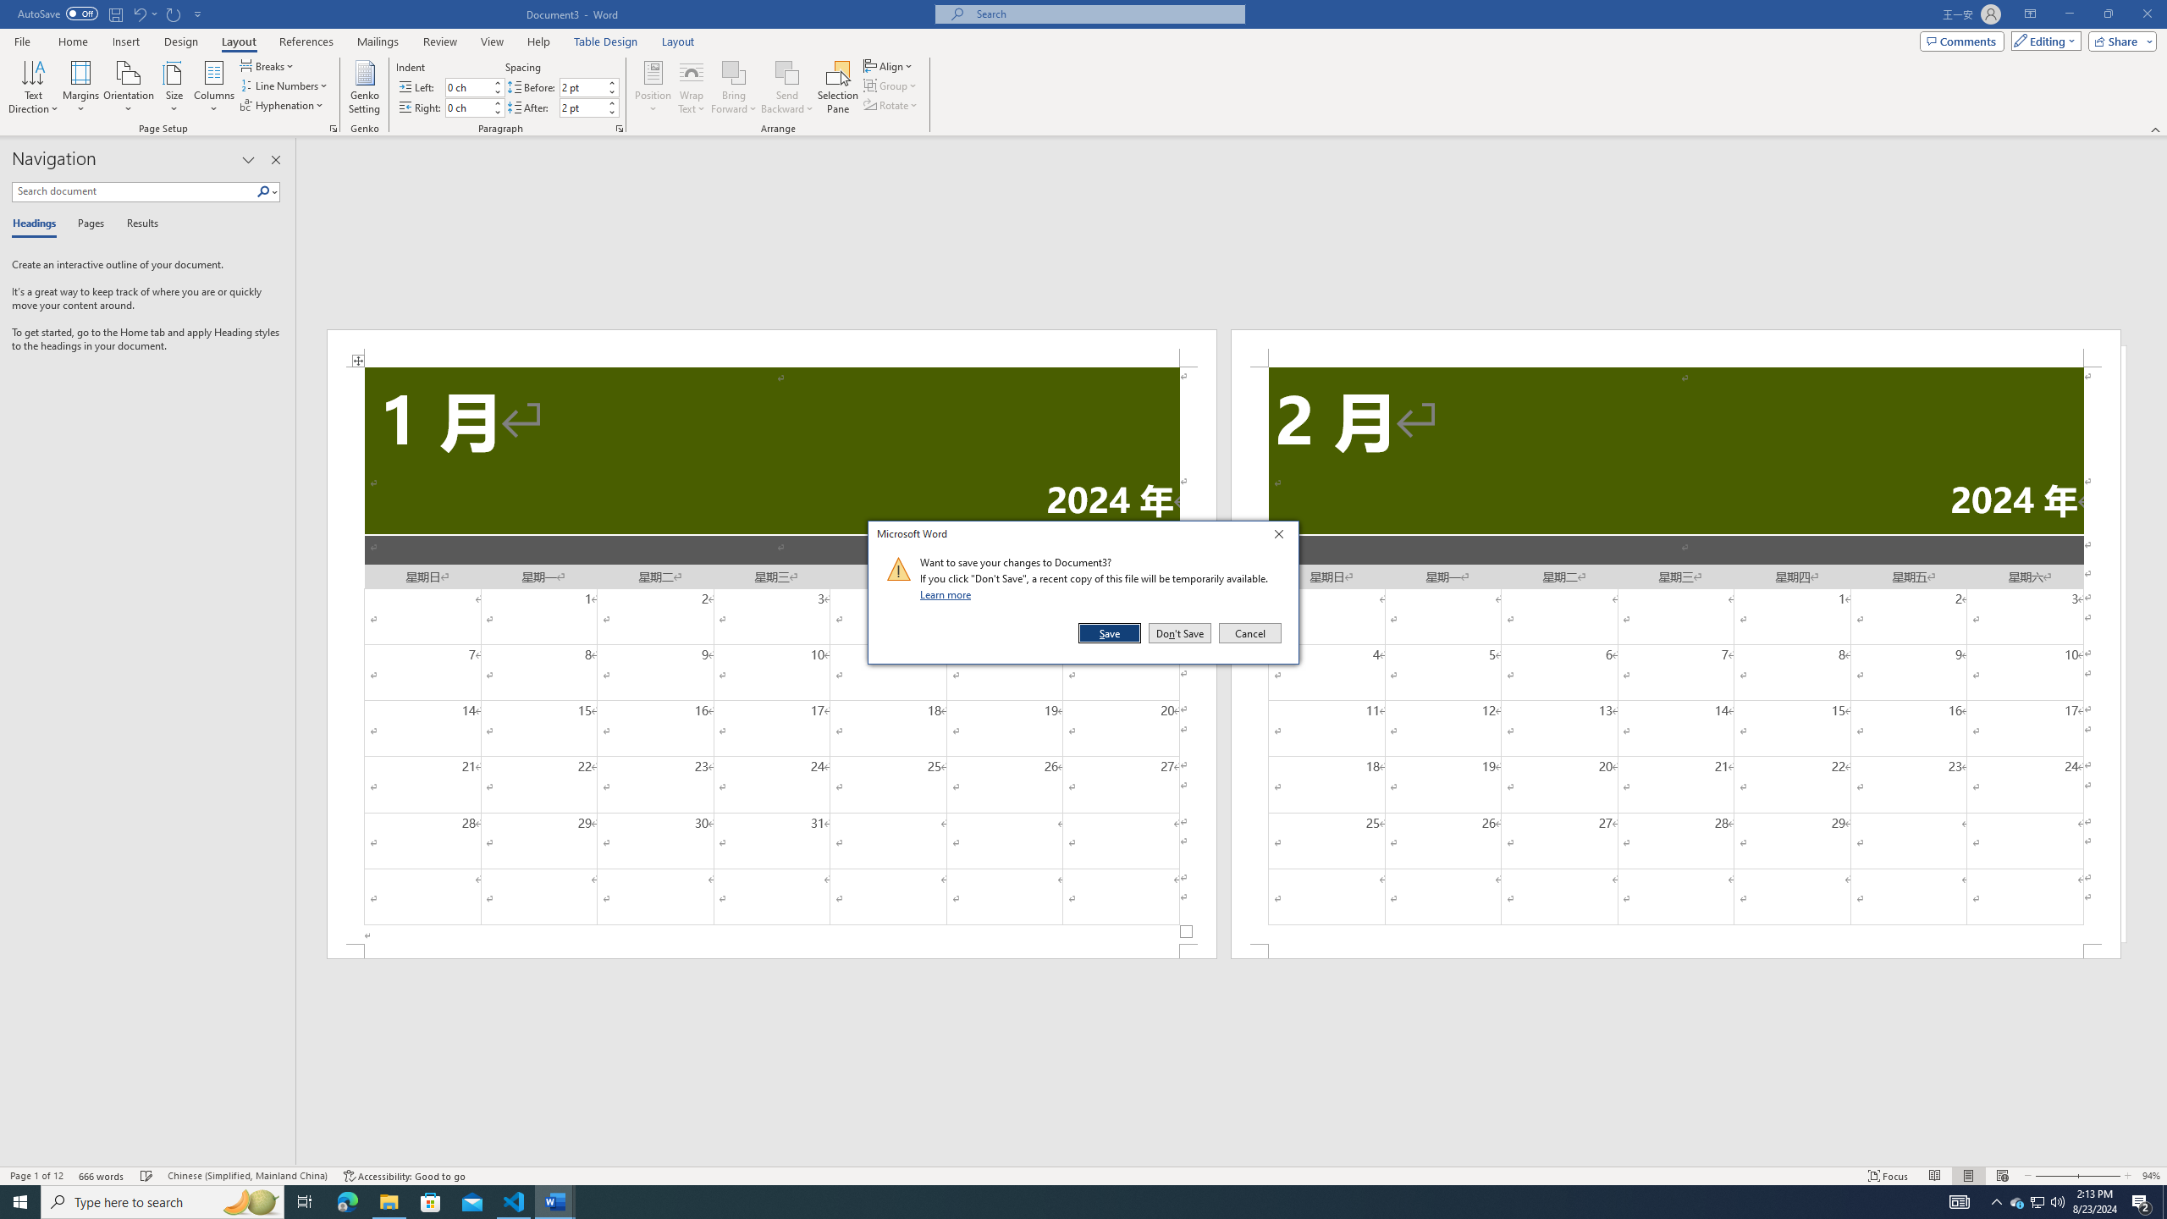  Describe the element at coordinates (388, 1200) in the screenshot. I see `'File Explorer - 1 running window'` at that location.